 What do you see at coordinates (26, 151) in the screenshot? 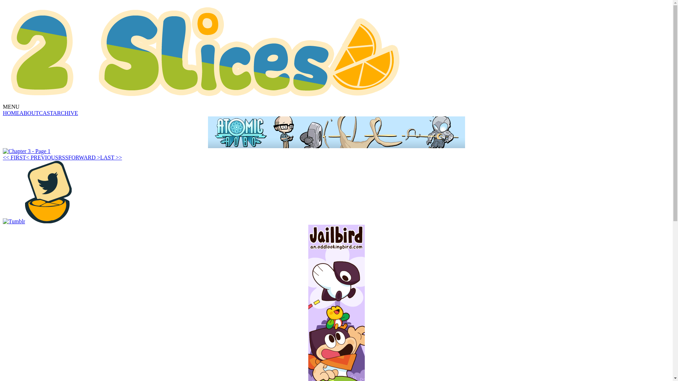
I see `'Chapter 3 - Page 1'` at bounding box center [26, 151].